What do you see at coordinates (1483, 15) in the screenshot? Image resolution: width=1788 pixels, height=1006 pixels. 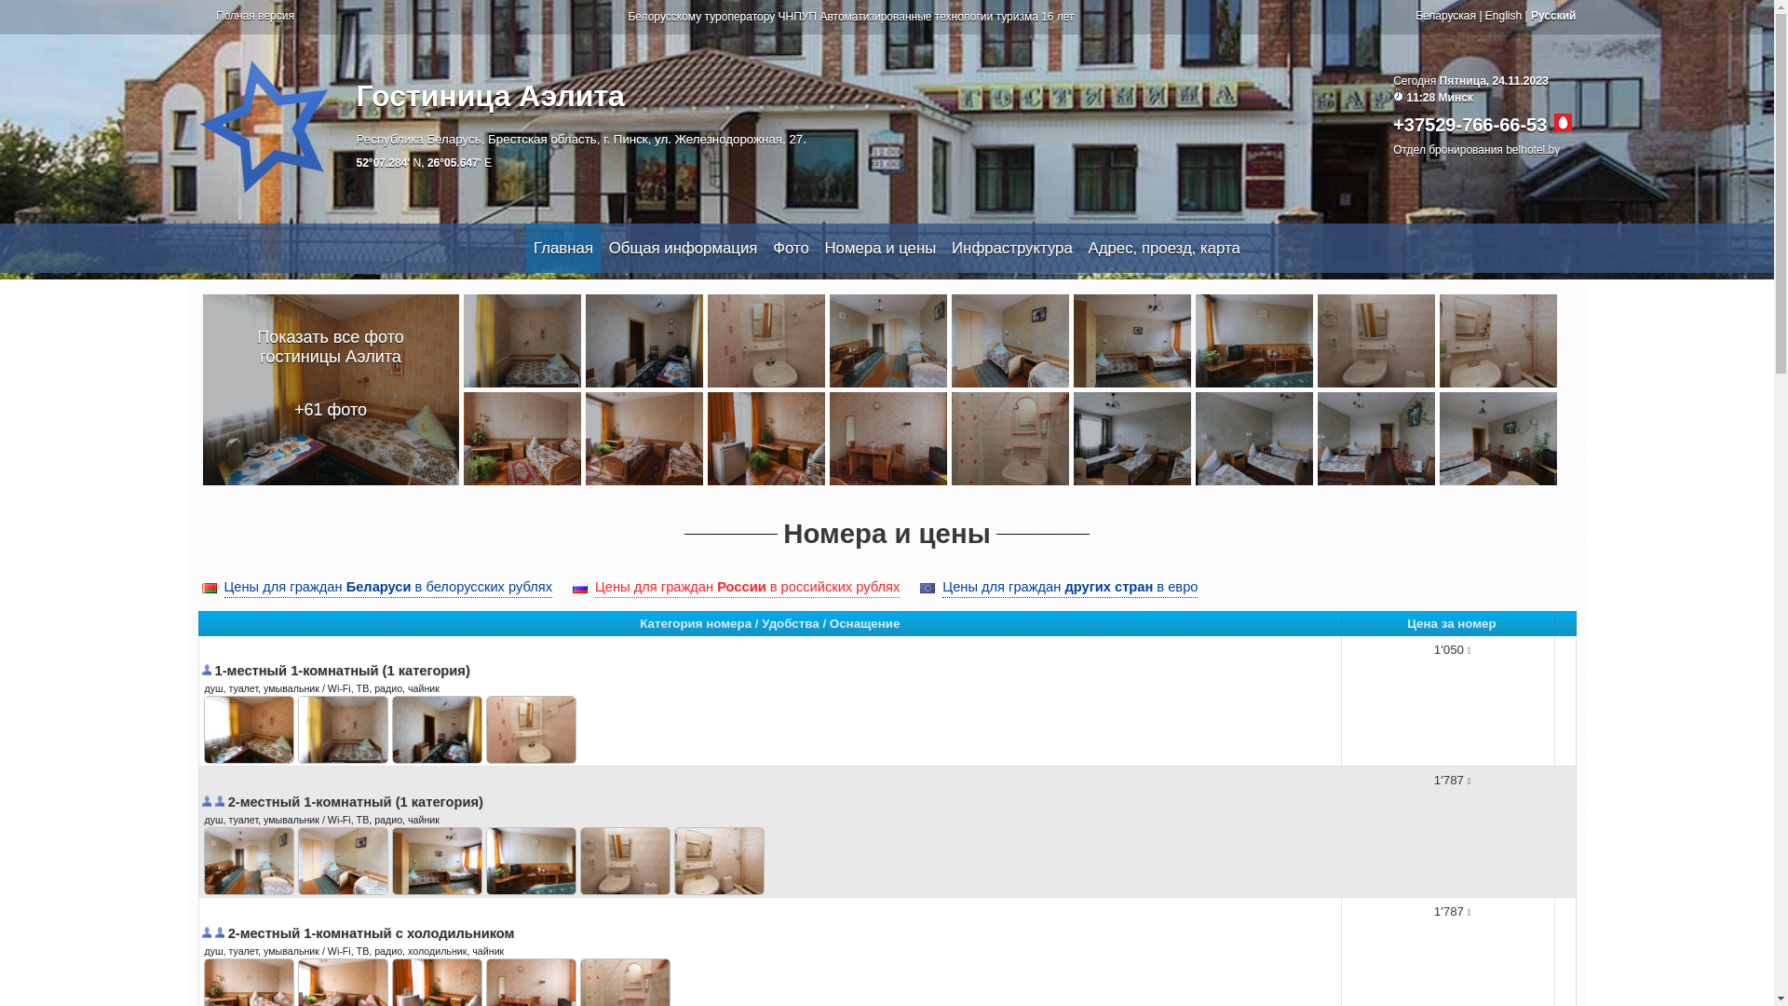 I see `'English'` at bounding box center [1483, 15].